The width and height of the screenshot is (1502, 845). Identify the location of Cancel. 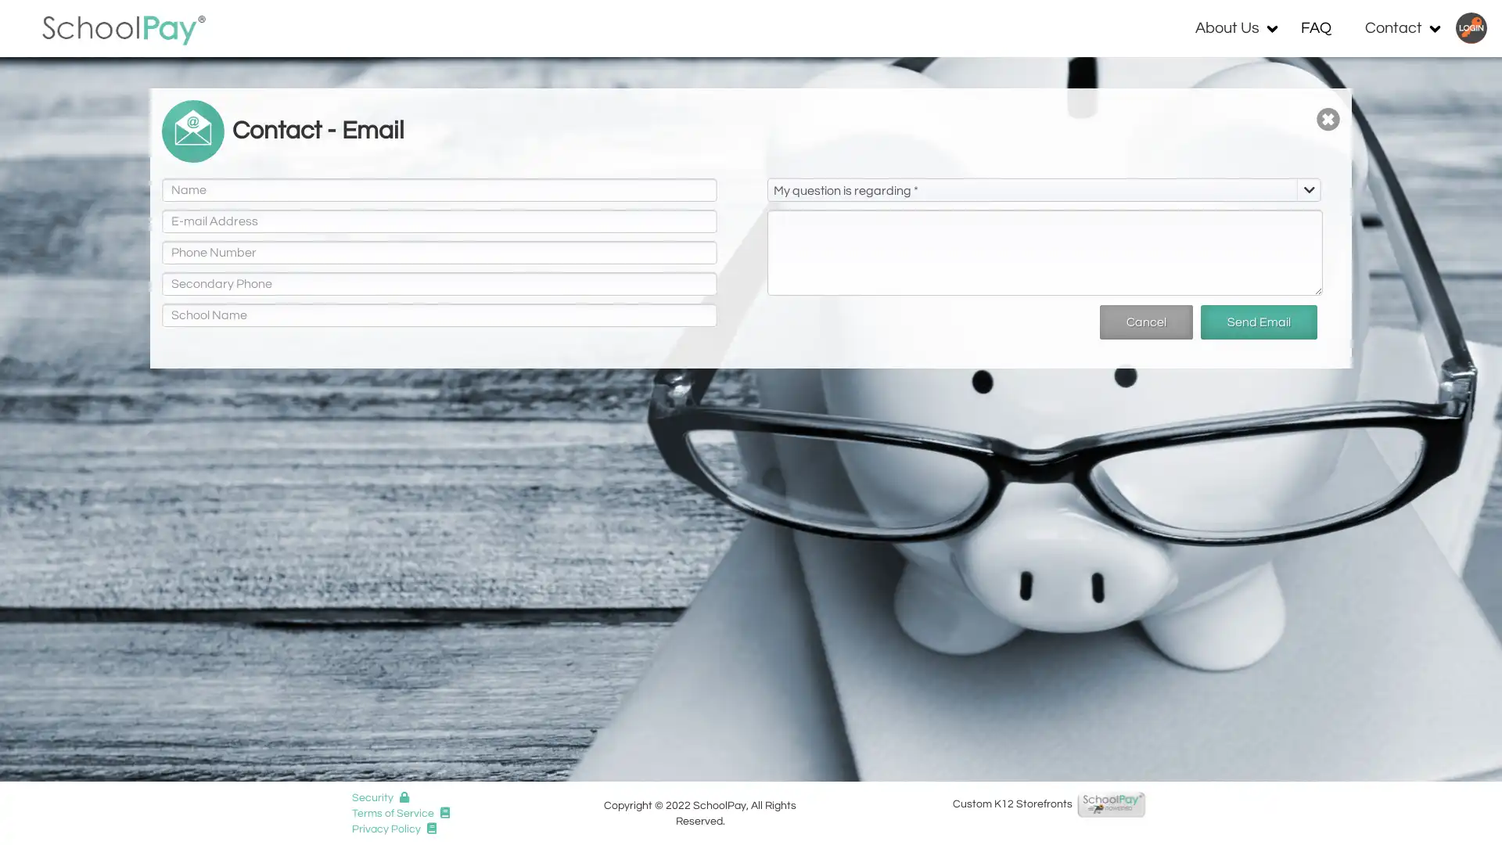
(1145, 322).